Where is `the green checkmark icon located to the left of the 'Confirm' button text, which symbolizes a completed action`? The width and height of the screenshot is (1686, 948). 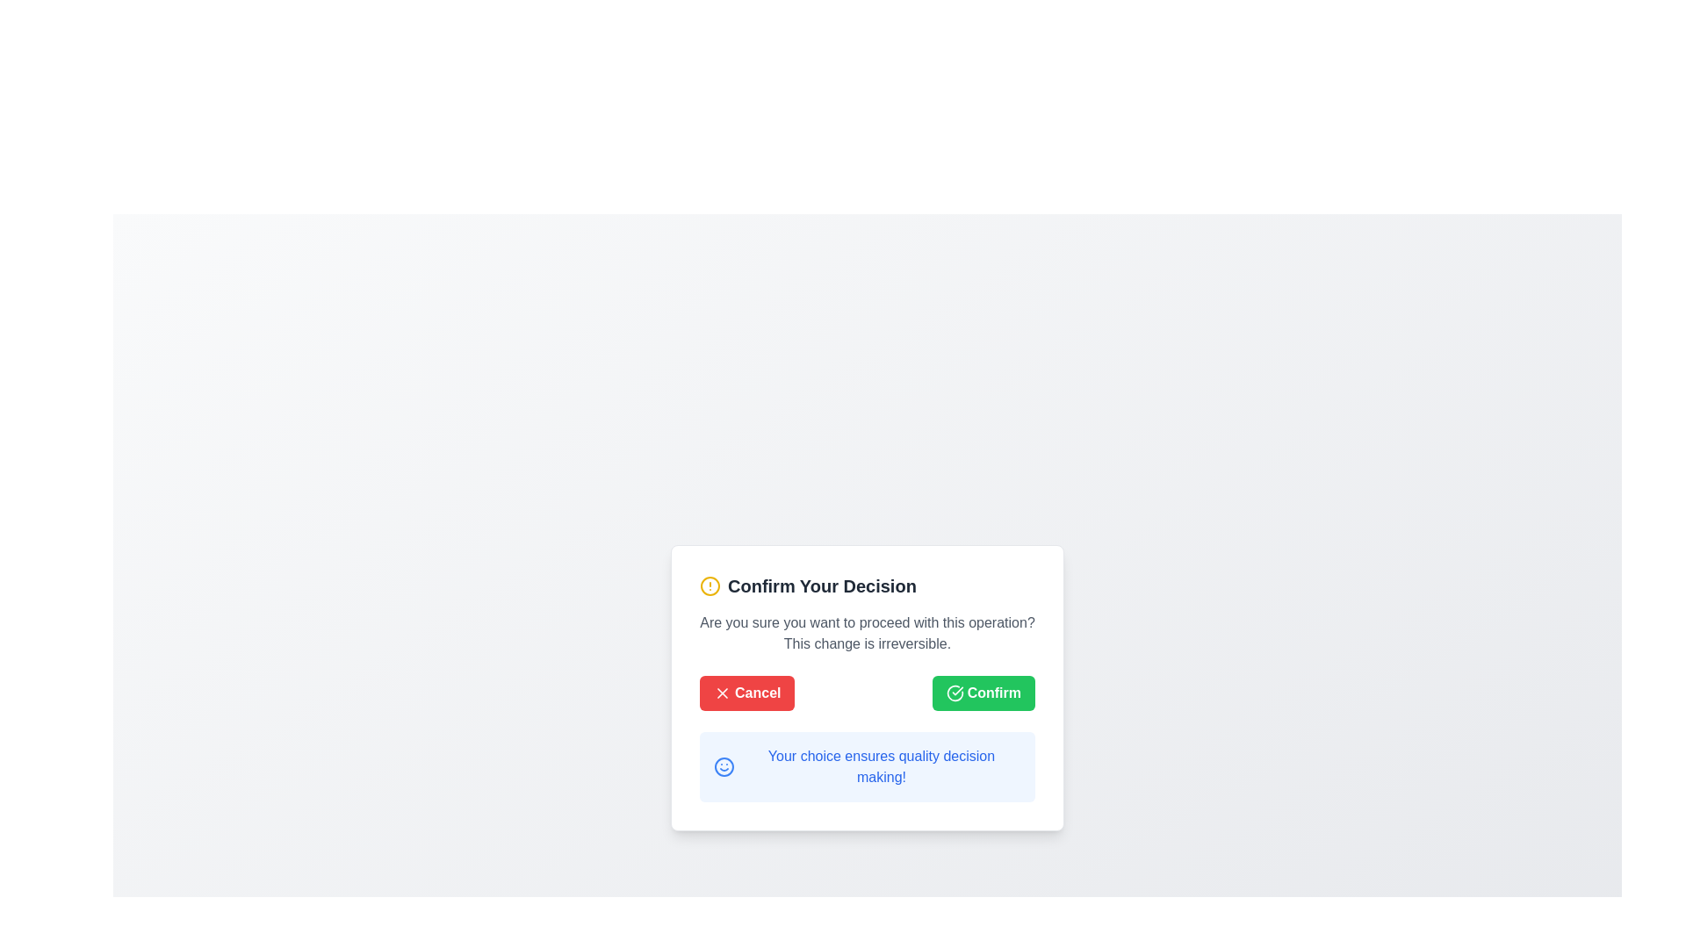 the green checkmark icon located to the left of the 'Confirm' button text, which symbolizes a completed action is located at coordinates (954, 693).